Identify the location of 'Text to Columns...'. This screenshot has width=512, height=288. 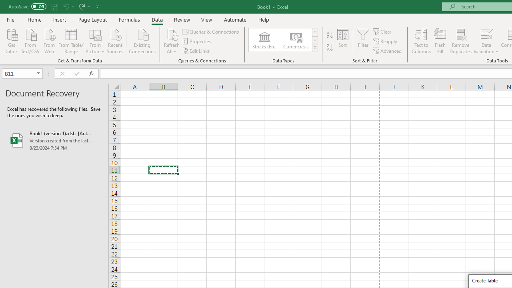
(421, 41).